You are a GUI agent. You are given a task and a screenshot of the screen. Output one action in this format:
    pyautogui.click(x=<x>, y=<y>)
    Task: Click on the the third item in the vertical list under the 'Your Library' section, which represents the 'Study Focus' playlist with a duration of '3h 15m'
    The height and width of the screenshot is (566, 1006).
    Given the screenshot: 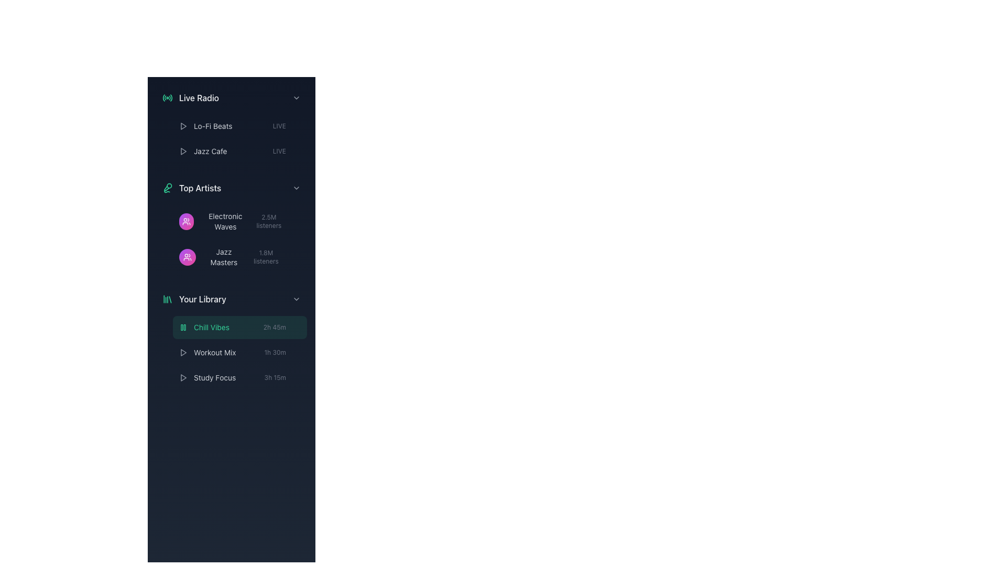 What is the action you would take?
    pyautogui.click(x=239, y=378)
    